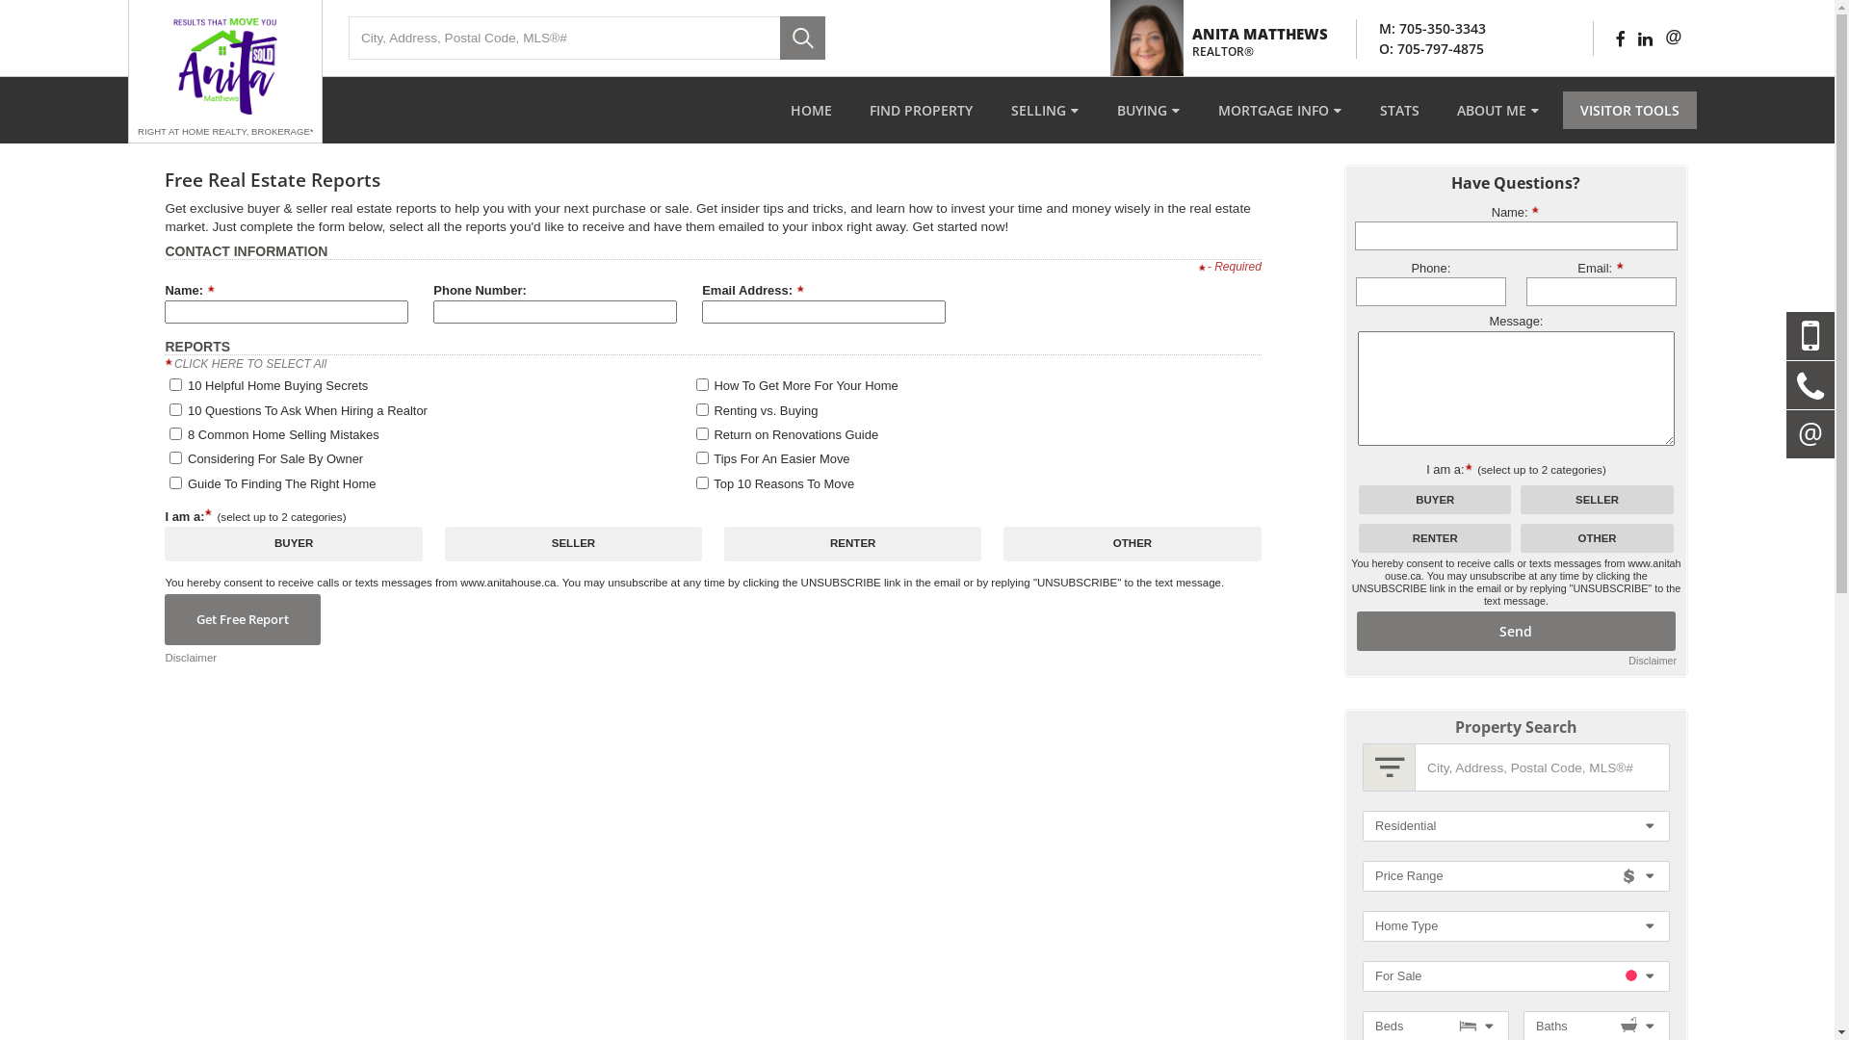 This screenshot has width=1849, height=1040. I want to click on 'STATS', so click(1362, 110).